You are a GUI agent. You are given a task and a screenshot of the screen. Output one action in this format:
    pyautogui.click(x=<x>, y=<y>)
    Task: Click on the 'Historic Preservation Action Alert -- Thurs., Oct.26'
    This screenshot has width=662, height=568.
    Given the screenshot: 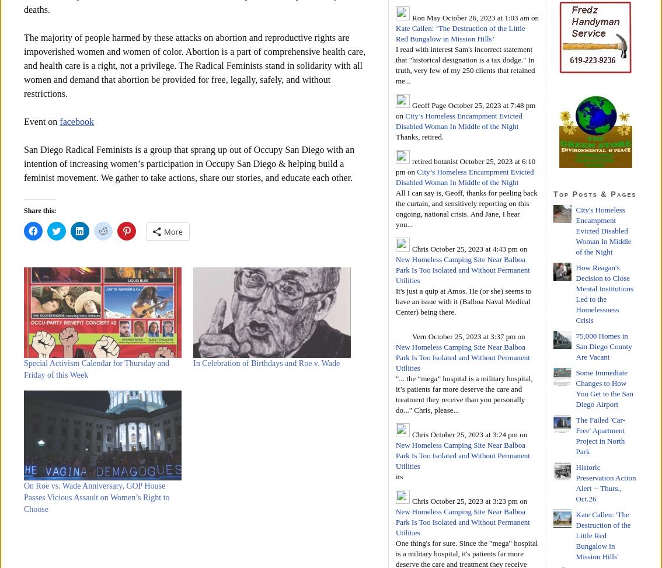 What is the action you would take?
    pyautogui.click(x=605, y=482)
    